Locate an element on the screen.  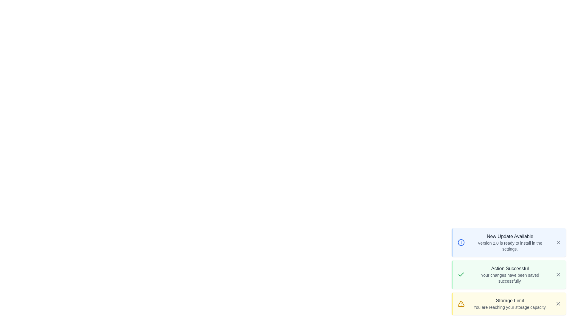
the icon associated with the alert warning is located at coordinates (461, 304).